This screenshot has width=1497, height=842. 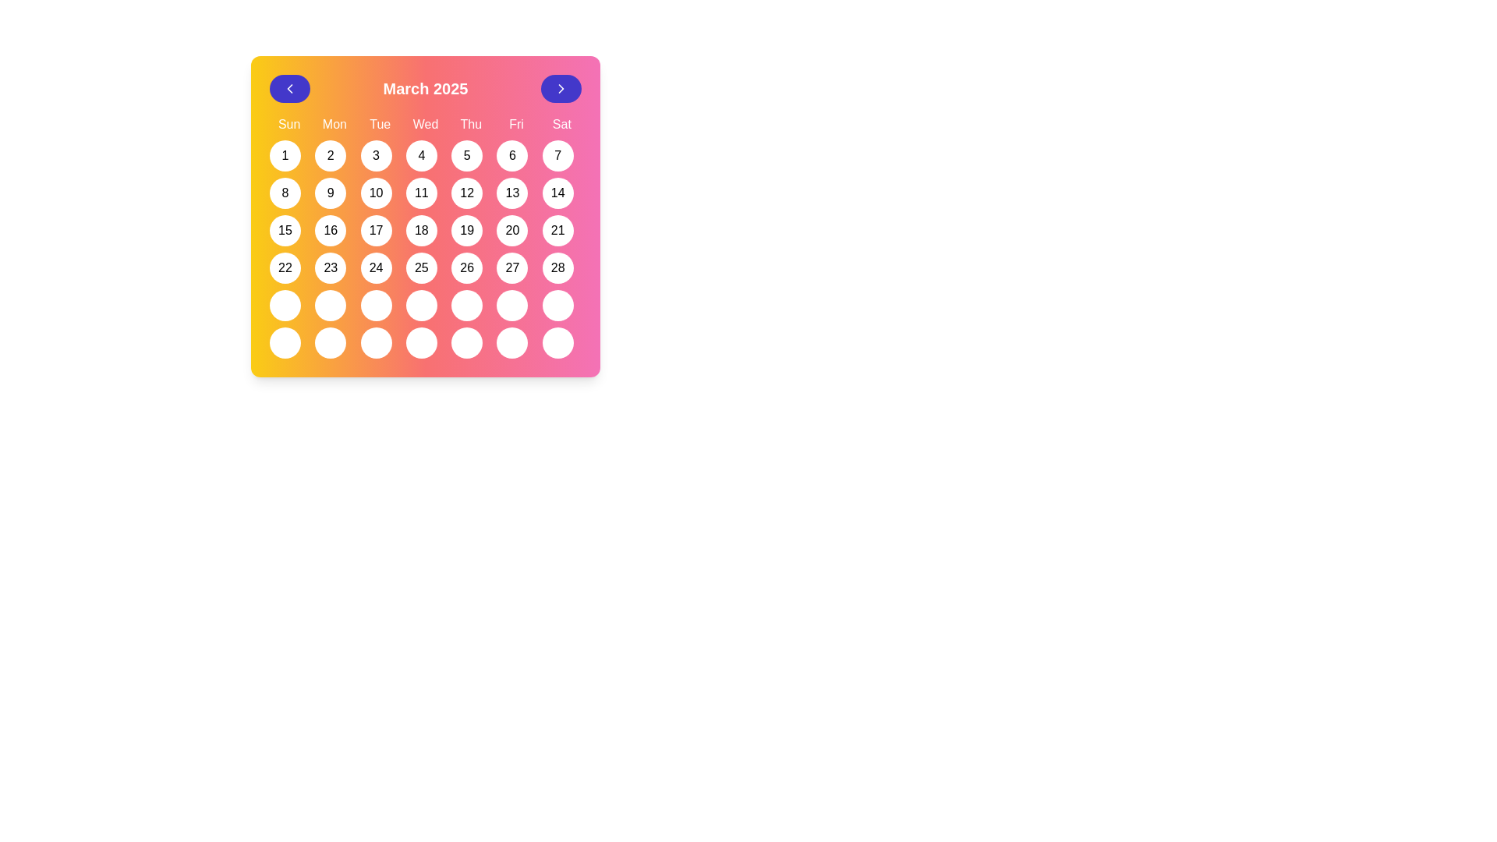 I want to click on the button representing the 19th day of the month in the calendar interface, located in the fourth row and fifth column under the 'Thu' header, so click(x=466, y=231).